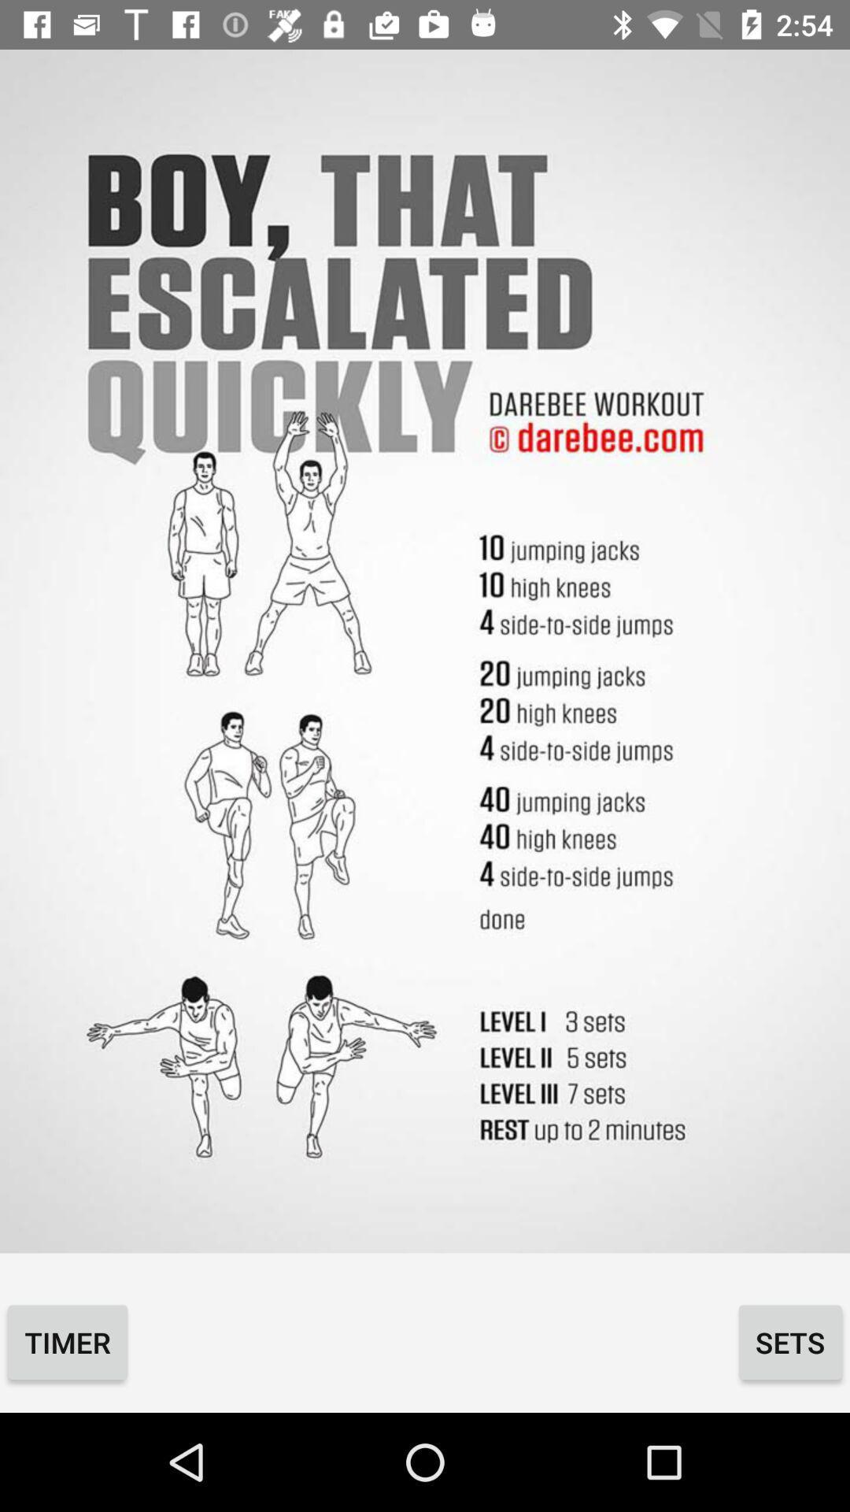  I want to click on the icon to the right of the timer item, so click(790, 1341).